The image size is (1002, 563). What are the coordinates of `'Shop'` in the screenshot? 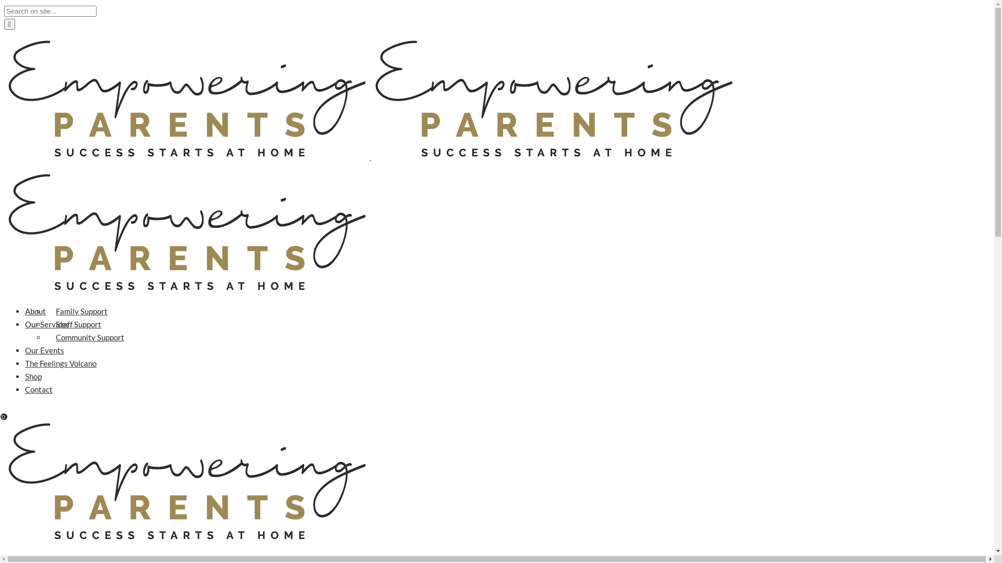 It's located at (33, 376).